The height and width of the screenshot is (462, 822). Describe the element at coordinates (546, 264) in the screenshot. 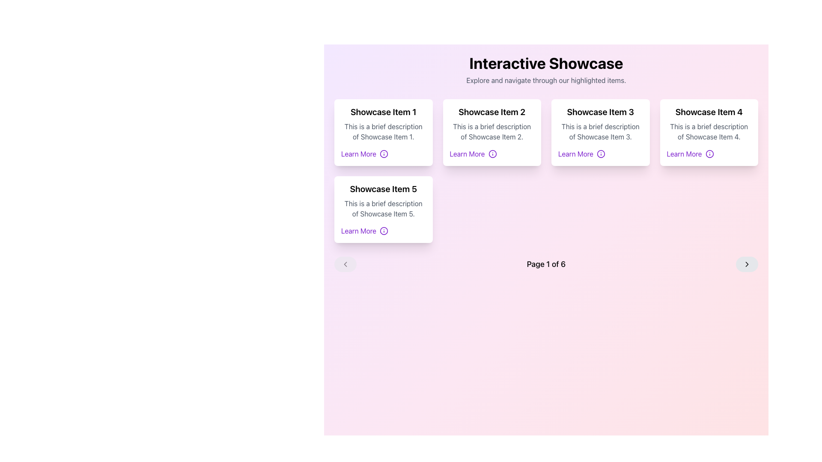

I see `text content displayed in the pagination control located at the bottom center of the interface, which indicates the currently active page in the interactive showcase` at that location.